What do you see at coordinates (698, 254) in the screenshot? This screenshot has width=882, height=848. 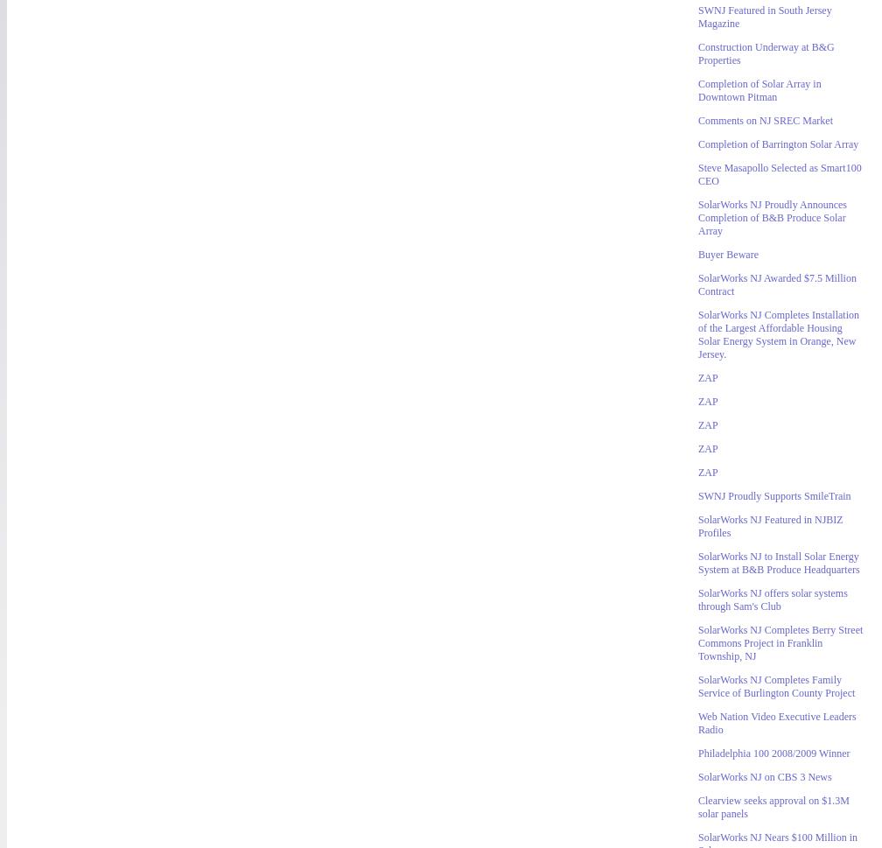 I see `'Buyer Beware'` at bounding box center [698, 254].